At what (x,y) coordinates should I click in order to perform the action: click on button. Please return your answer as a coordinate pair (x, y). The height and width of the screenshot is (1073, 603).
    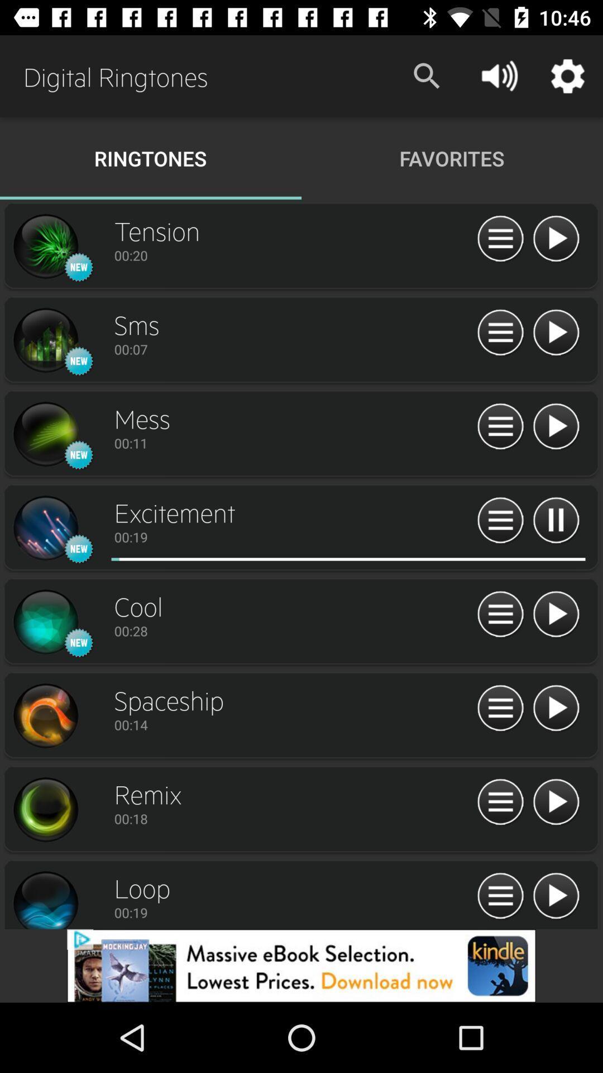
    Looking at the image, I should click on (556, 802).